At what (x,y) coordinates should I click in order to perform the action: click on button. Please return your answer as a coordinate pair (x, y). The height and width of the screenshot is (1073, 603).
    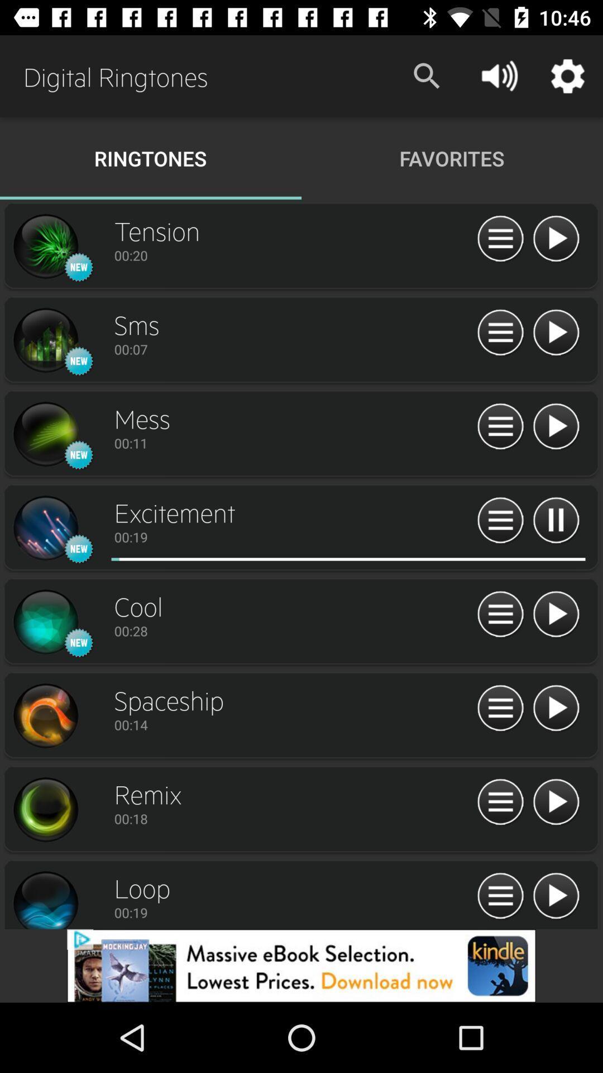
    Looking at the image, I should click on (556, 802).